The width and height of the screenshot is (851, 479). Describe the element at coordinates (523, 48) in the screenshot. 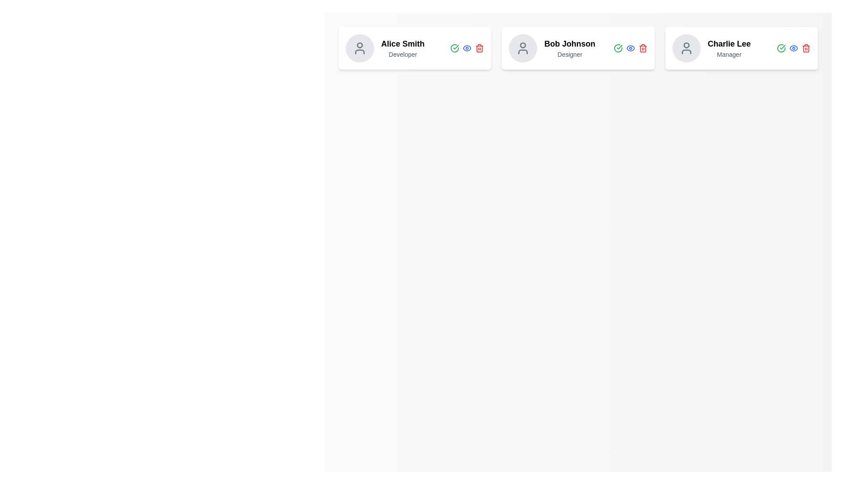

I see `the circular Avatar icon with a gray background that displays a user avatar symbol, positioned at the top-left corner of the card about Bob Johnson` at that location.